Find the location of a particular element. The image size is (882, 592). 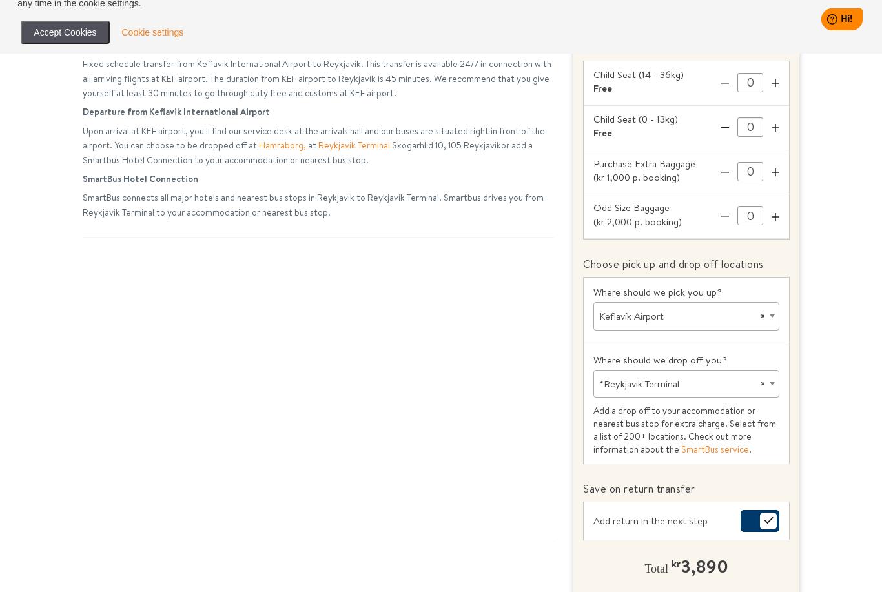

'Odd Size Baggage' is located at coordinates (593, 207).